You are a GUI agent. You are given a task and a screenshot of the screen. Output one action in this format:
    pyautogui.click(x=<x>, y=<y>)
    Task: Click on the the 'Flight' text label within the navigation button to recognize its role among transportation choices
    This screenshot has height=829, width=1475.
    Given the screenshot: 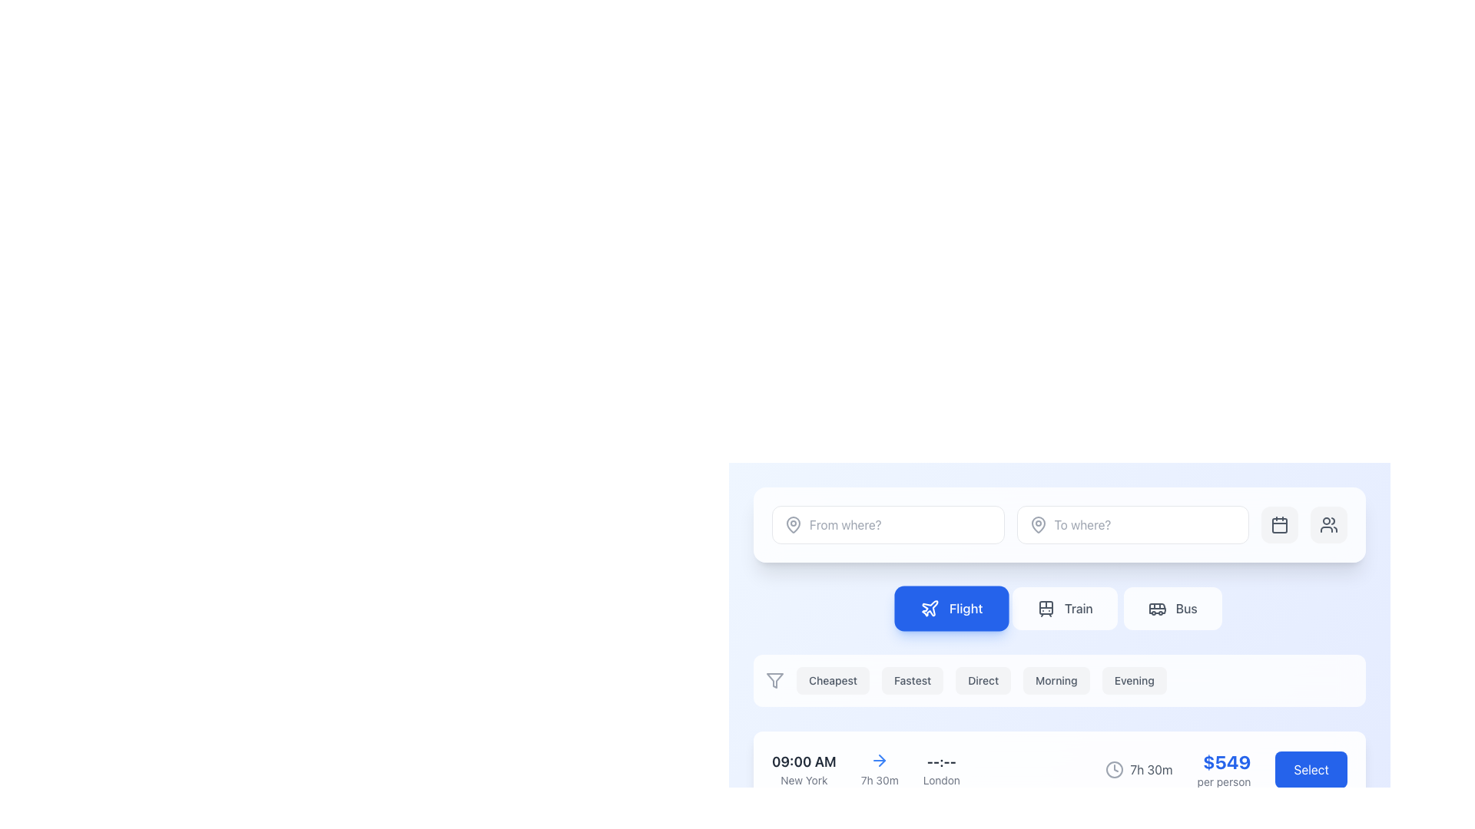 What is the action you would take?
    pyautogui.click(x=965, y=608)
    